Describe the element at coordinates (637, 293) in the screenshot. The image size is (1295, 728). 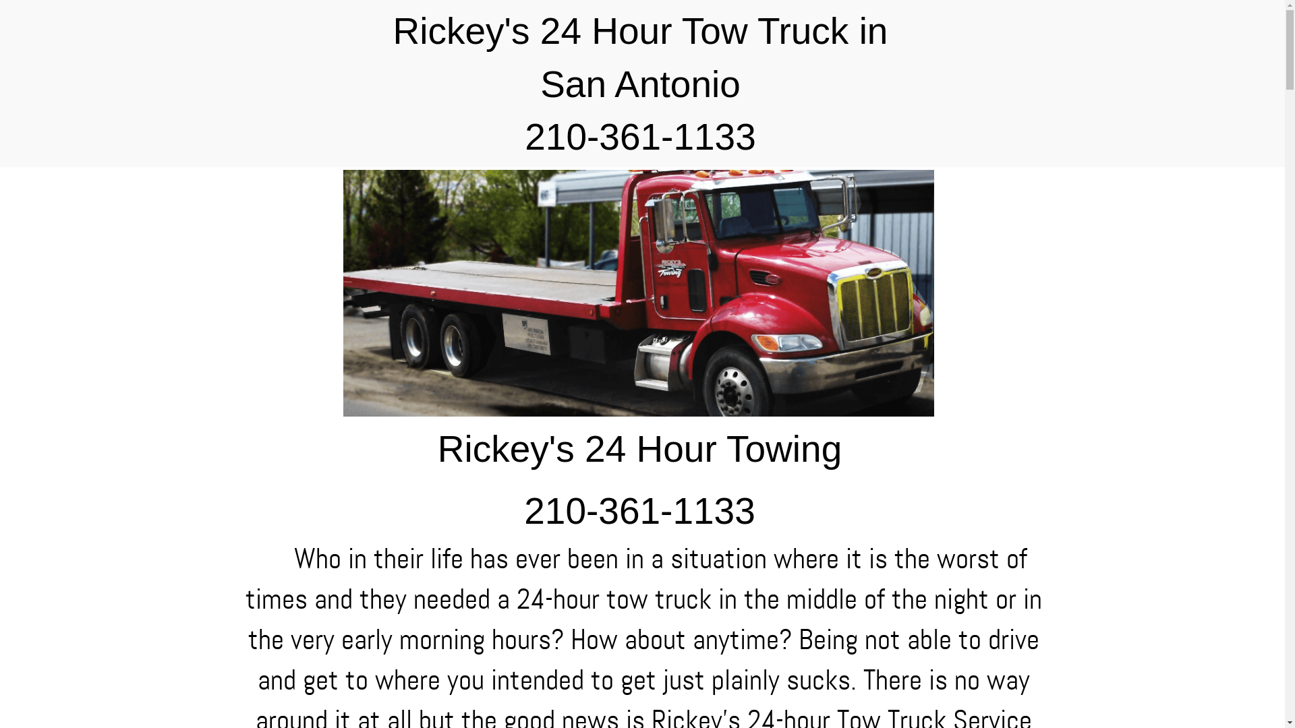
I see `'Image Title'` at that location.